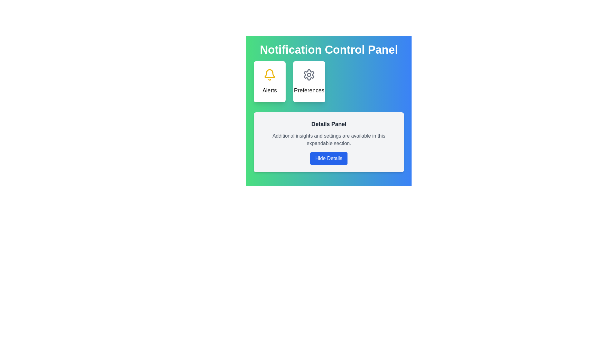 Image resolution: width=600 pixels, height=337 pixels. What do you see at coordinates (270, 90) in the screenshot?
I see `'Alerts' text label, which is displayed in a medium-sized, bold font below a yellow bell icon, to understand the section's purpose` at bounding box center [270, 90].